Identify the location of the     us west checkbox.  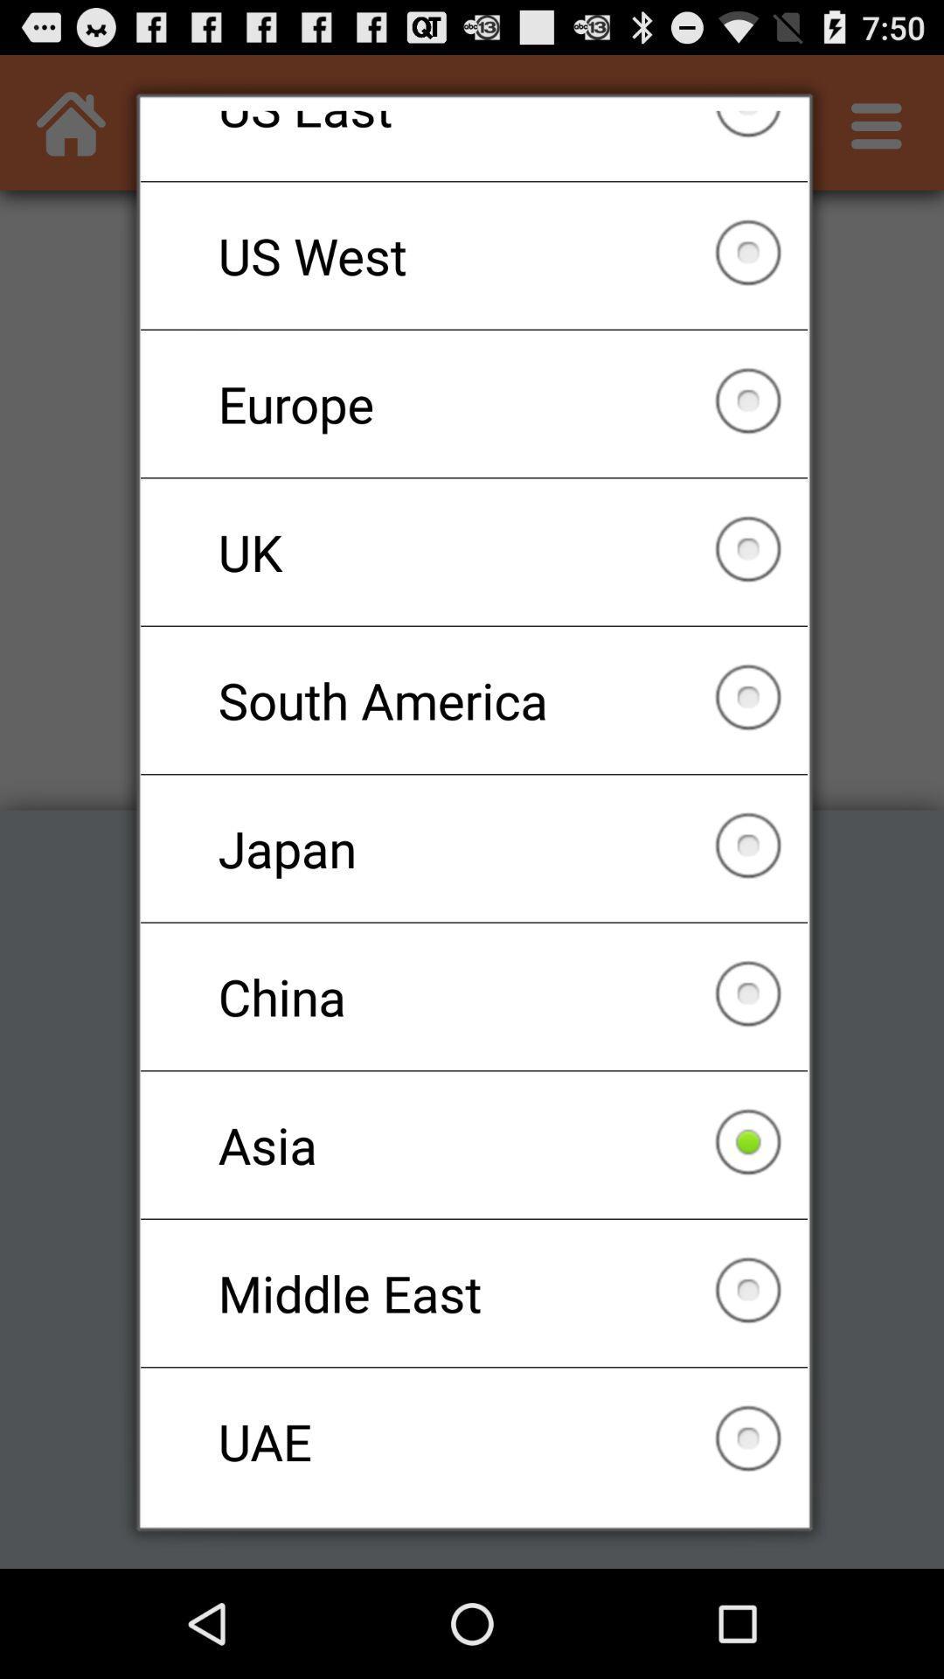
(474, 254).